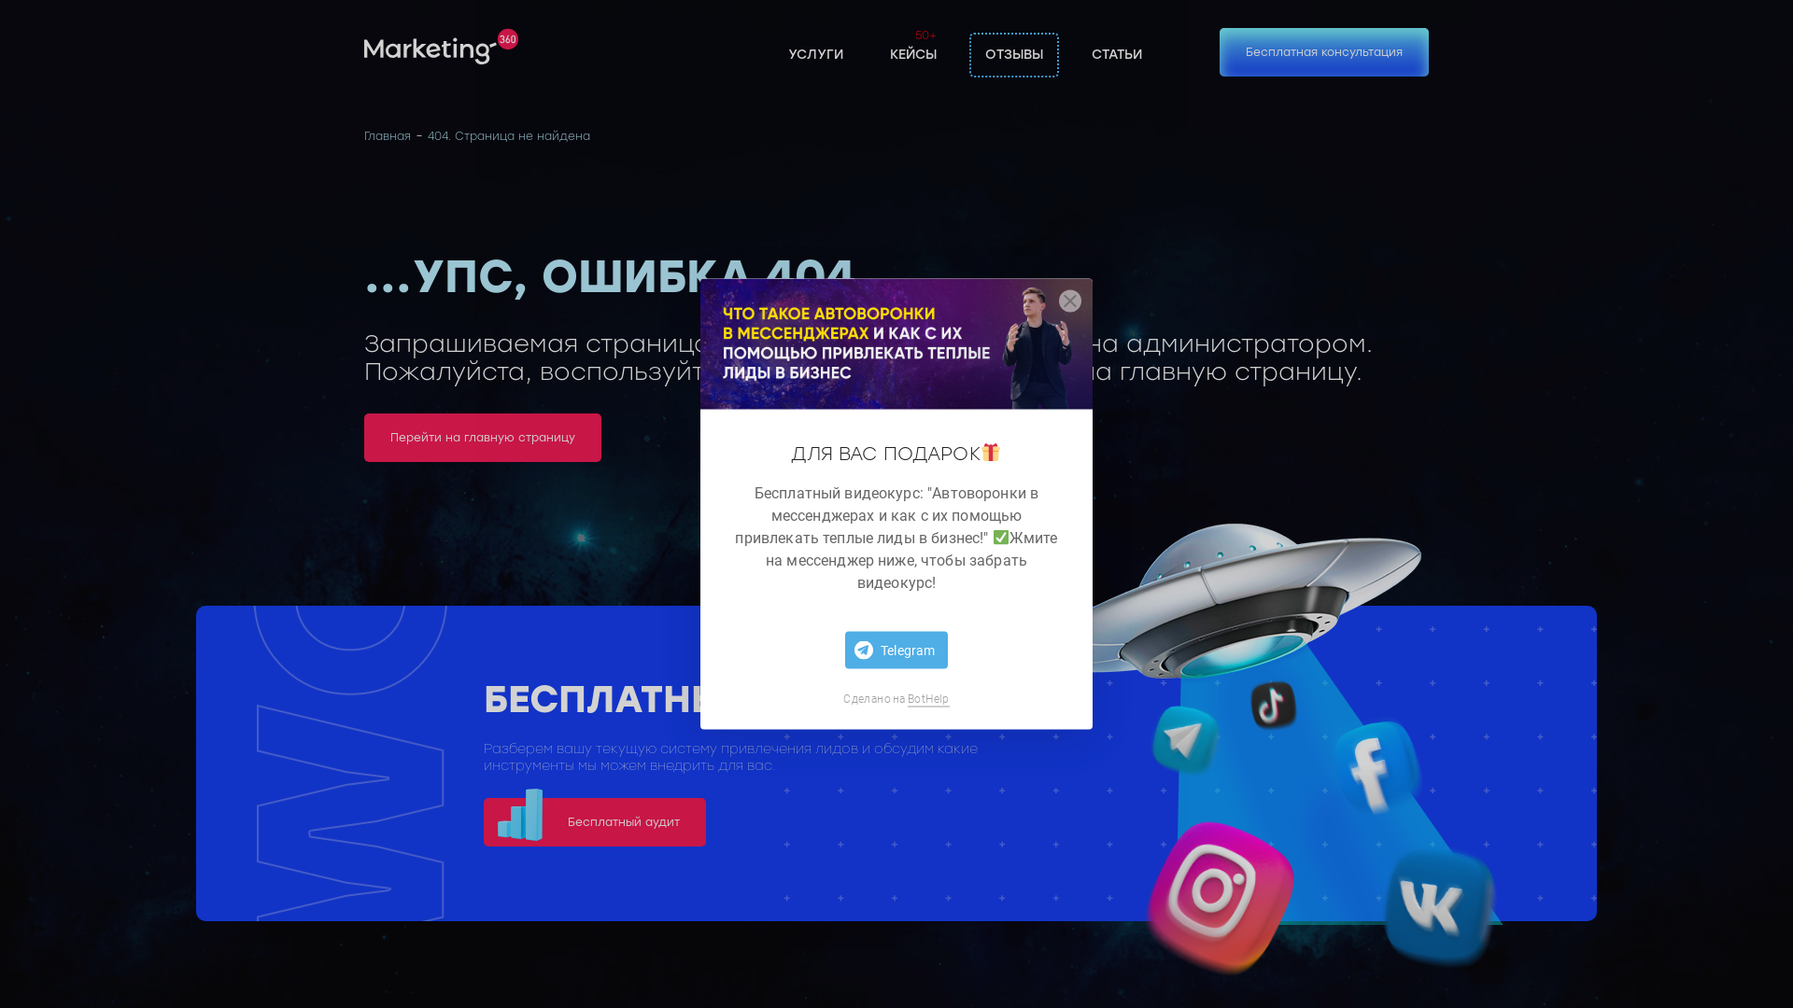  What do you see at coordinates (928, 698) in the screenshot?
I see `'BotHelp'` at bounding box center [928, 698].